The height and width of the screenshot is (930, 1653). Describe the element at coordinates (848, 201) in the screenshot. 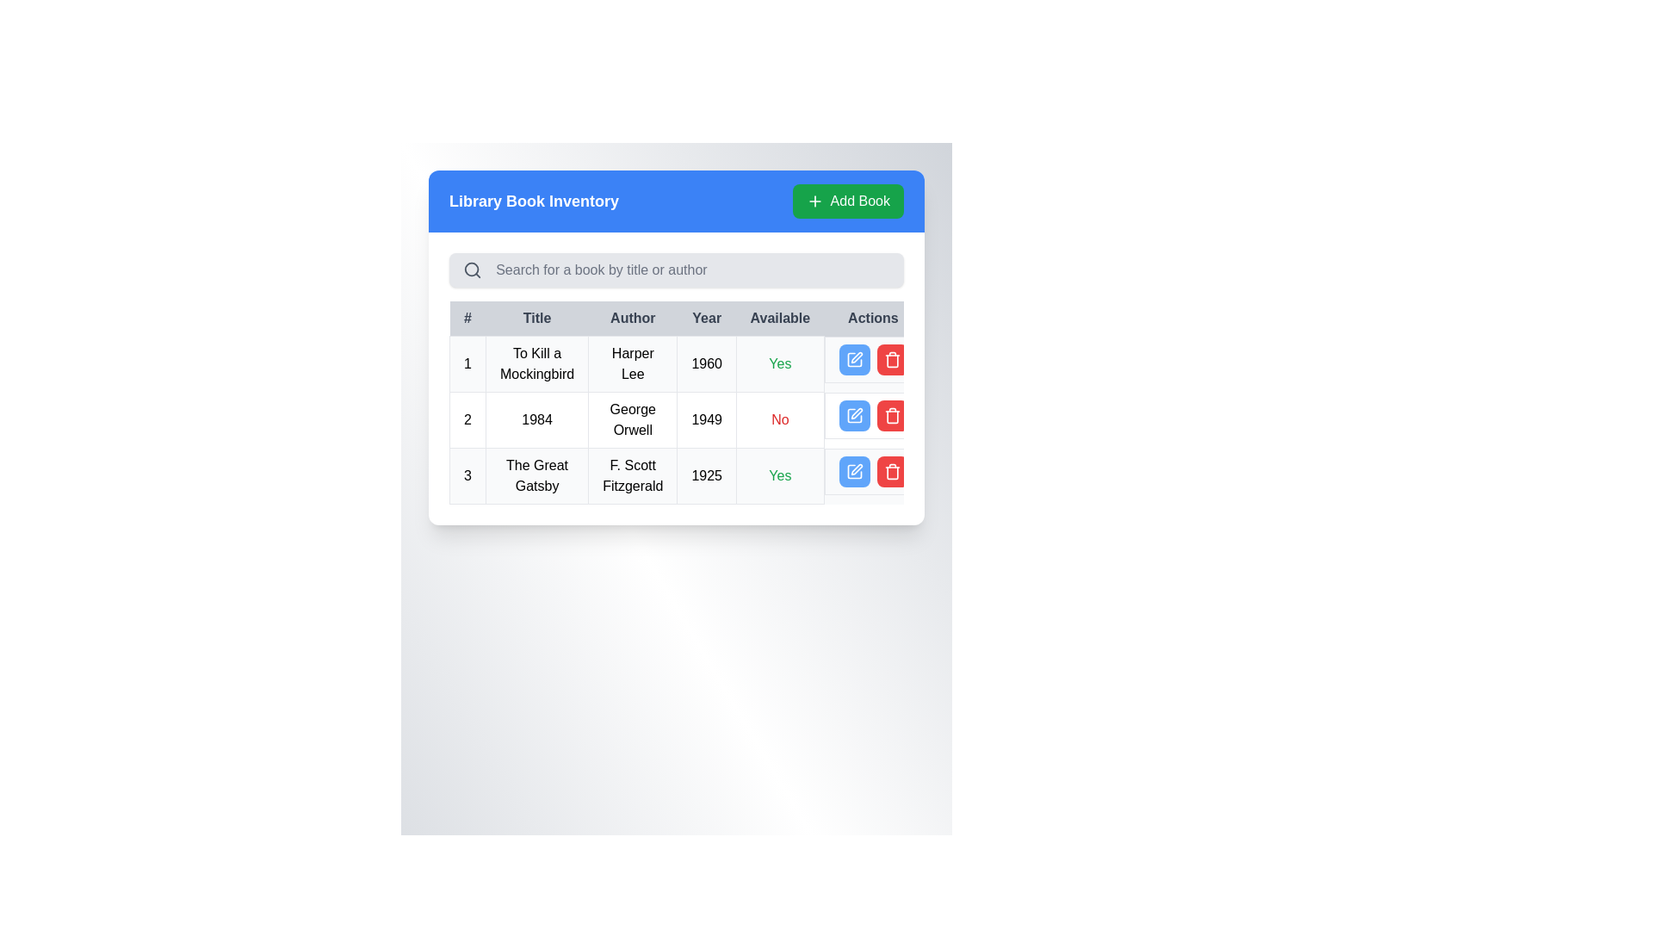

I see `the button located in the top-right corner of the 'Library Book Inventory' header bar to initiate the Add Book action` at that location.